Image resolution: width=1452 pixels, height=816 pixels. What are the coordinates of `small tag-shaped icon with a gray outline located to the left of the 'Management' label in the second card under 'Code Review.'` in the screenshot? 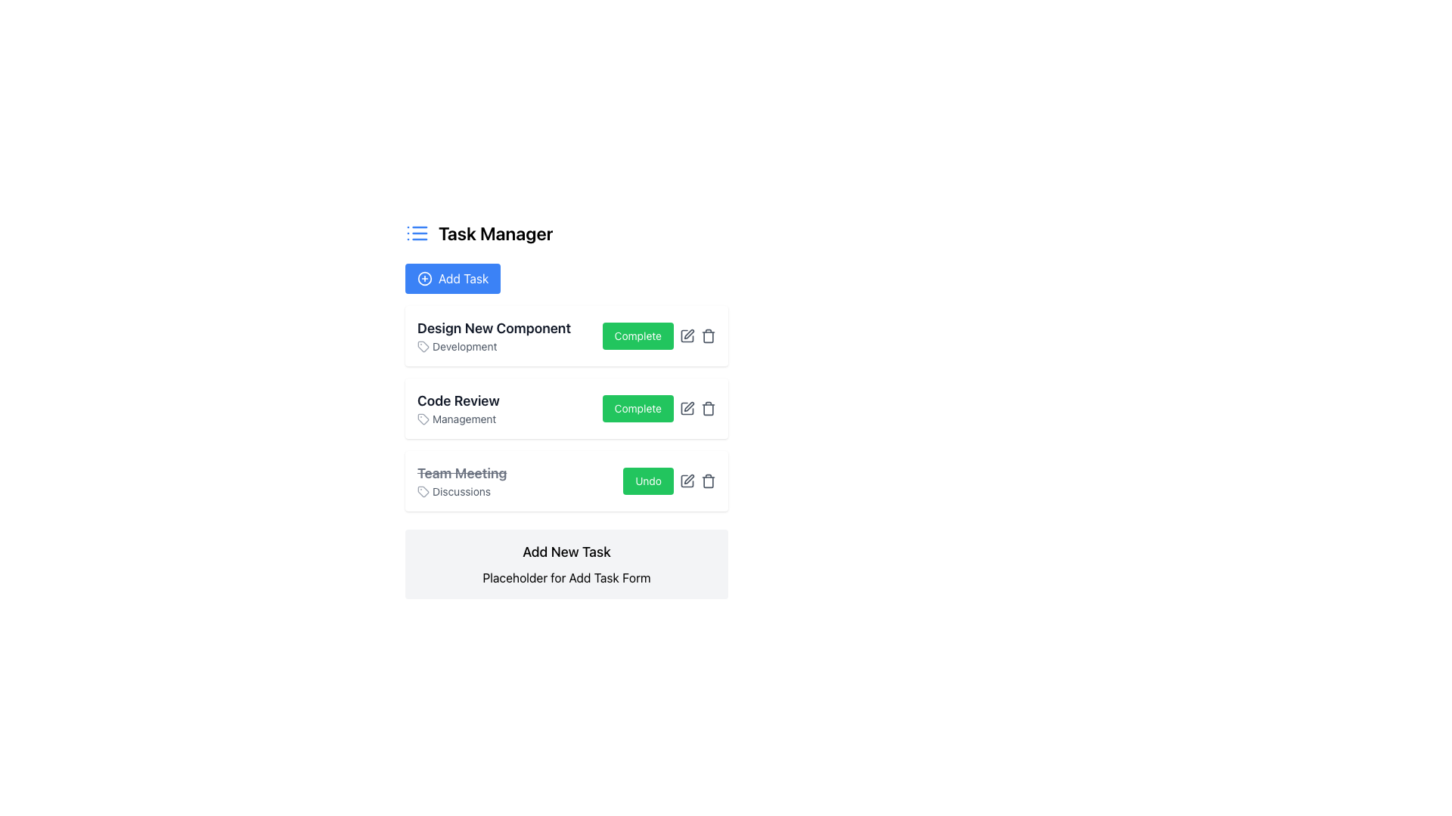 It's located at (423, 419).